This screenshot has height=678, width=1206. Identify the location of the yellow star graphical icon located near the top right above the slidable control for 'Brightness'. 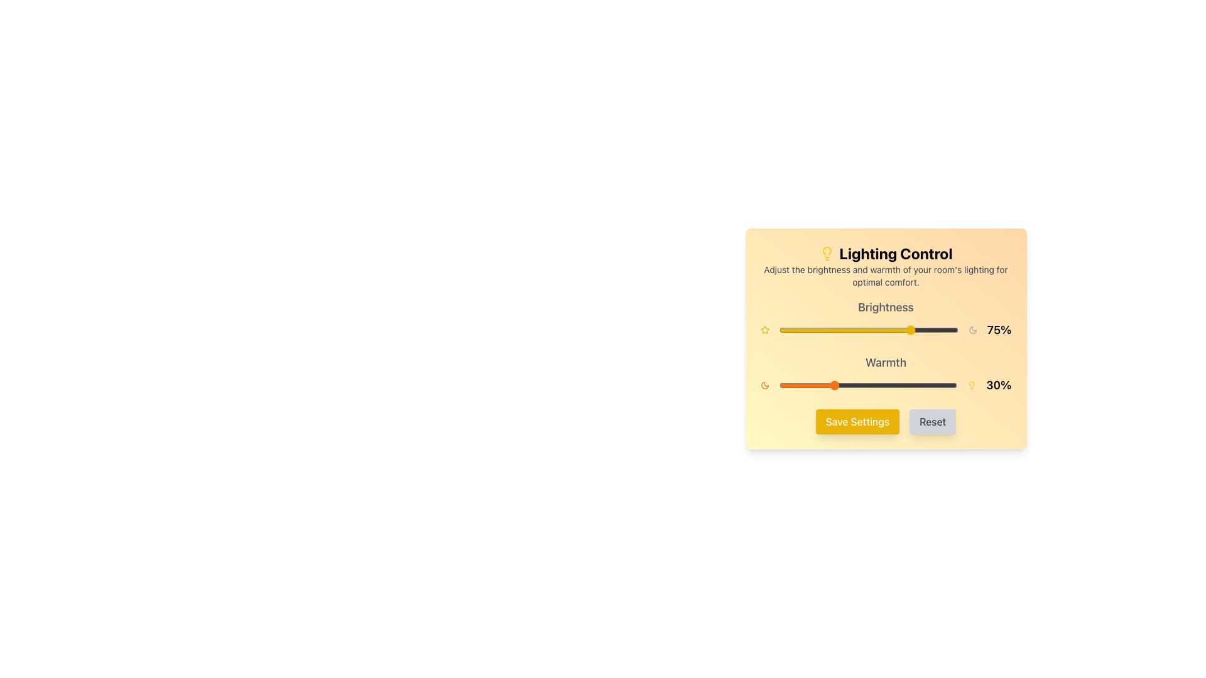
(764, 329).